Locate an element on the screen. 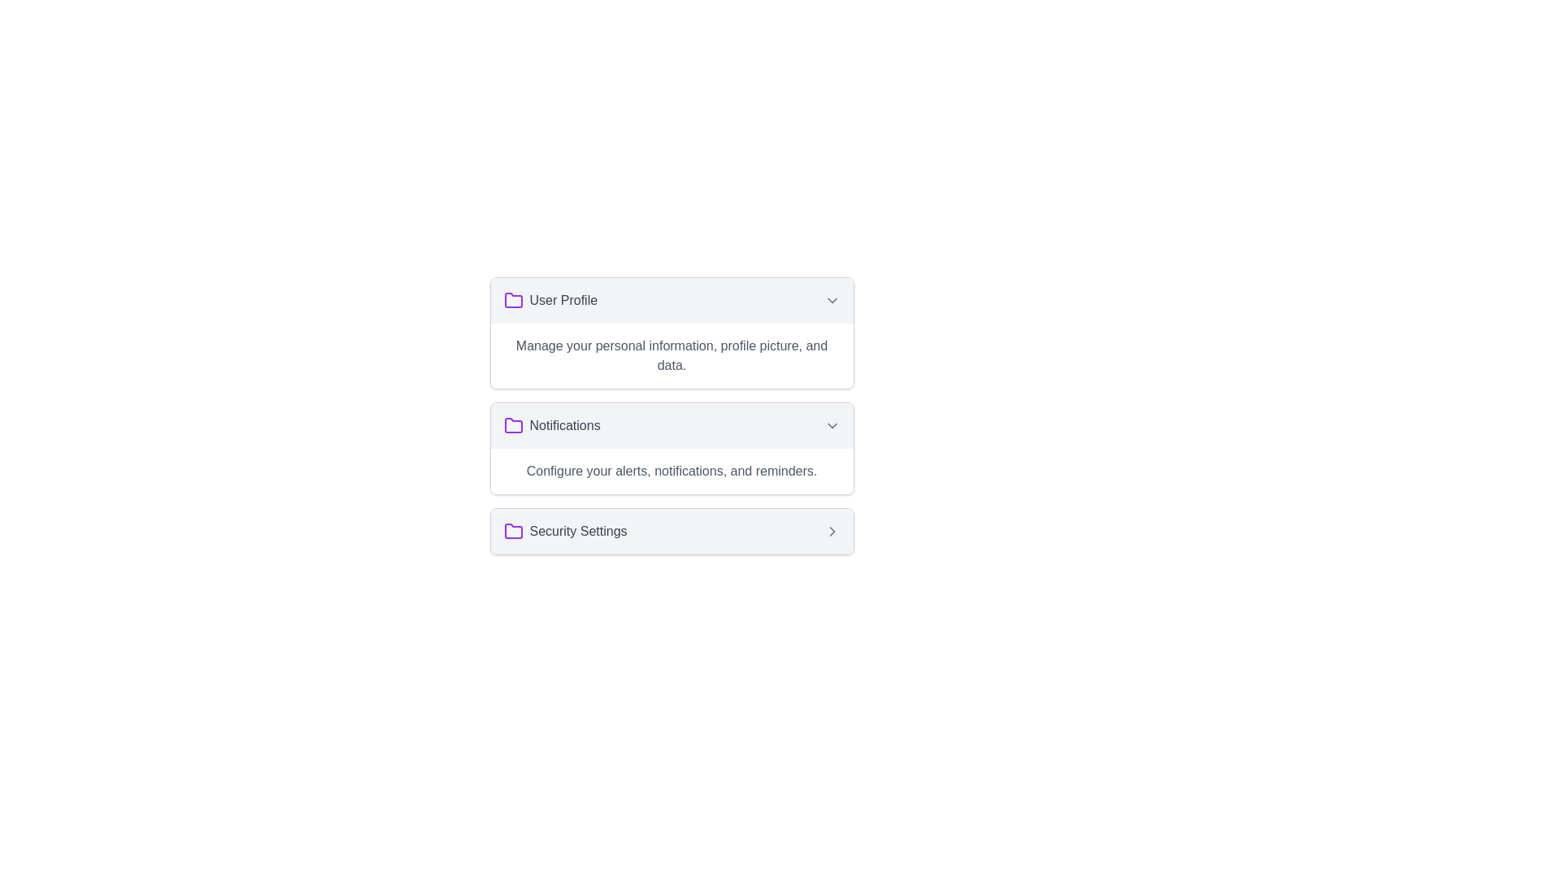 This screenshot has height=878, width=1561. the third button in the vertically stacked list that leads to the 'Security Settings' page is located at coordinates (672, 532).